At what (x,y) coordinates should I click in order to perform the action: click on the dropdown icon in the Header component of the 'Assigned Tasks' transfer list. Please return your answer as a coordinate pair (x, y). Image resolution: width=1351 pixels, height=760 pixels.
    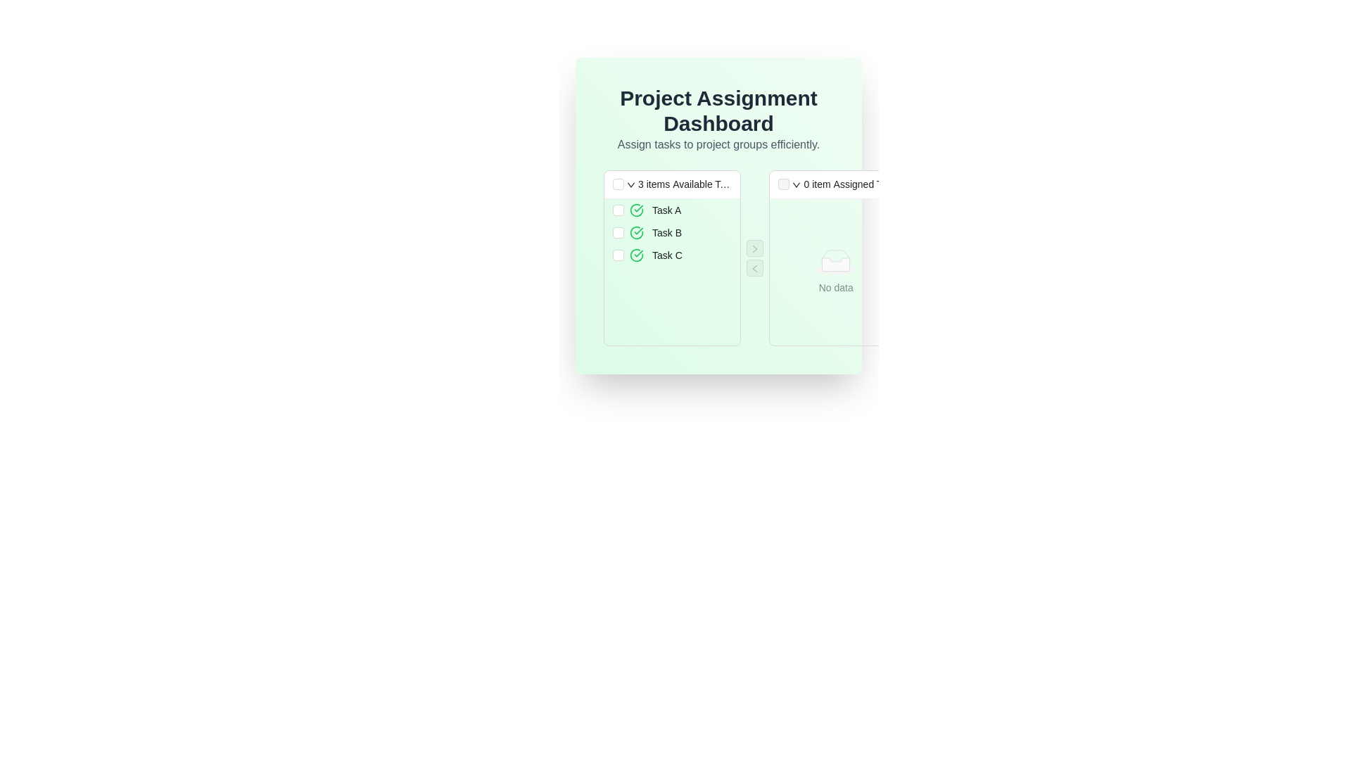
    Looking at the image, I should click on (836, 184).